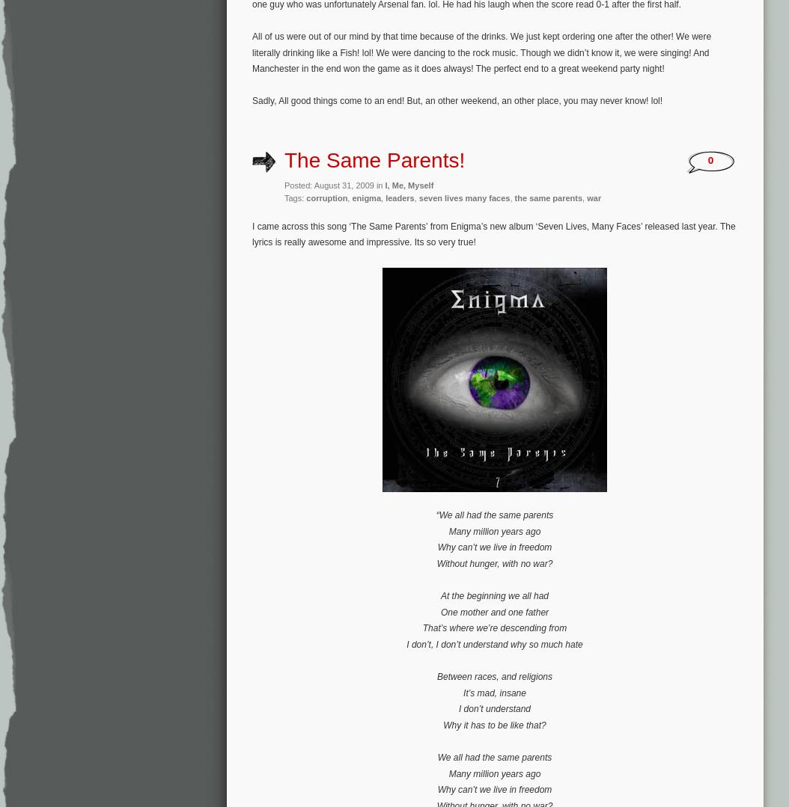 This screenshot has width=789, height=807. What do you see at coordinates (439, 595) in the screenshot?
I see `'At the beginning we all had'` at bounding box center [439, 595].